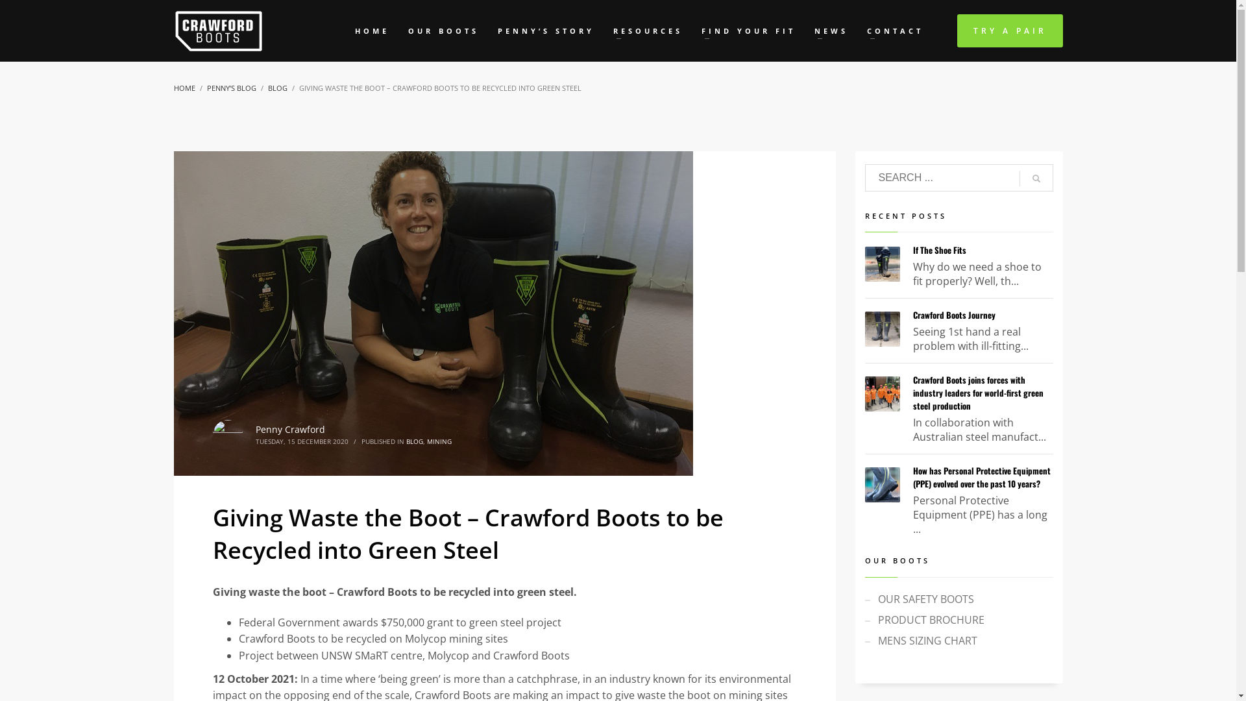 This screenshot has width=1246, height=701. I want to click on 'FIND YOUR FIT', so click(748, 29).